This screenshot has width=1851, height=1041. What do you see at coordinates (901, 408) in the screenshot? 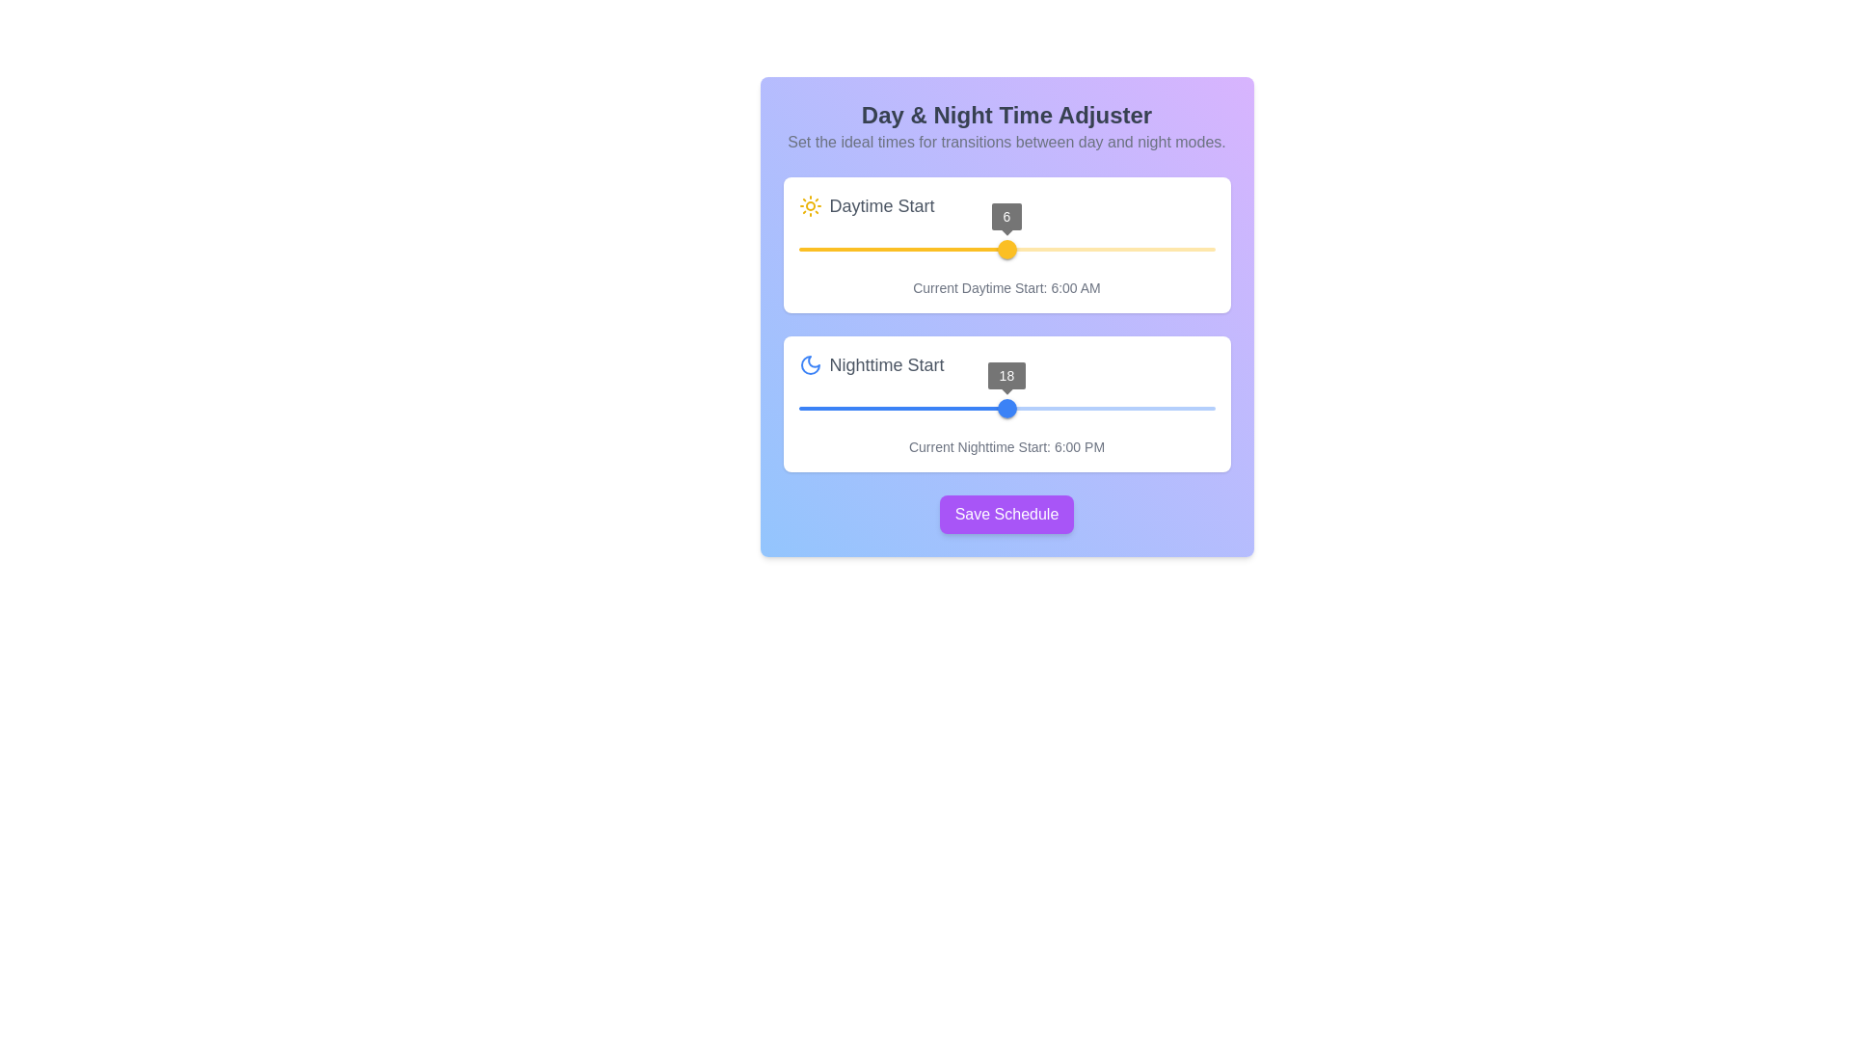
I see `the Slider track of the Nighttime Start slider bar` at bounding box center [901, 408].